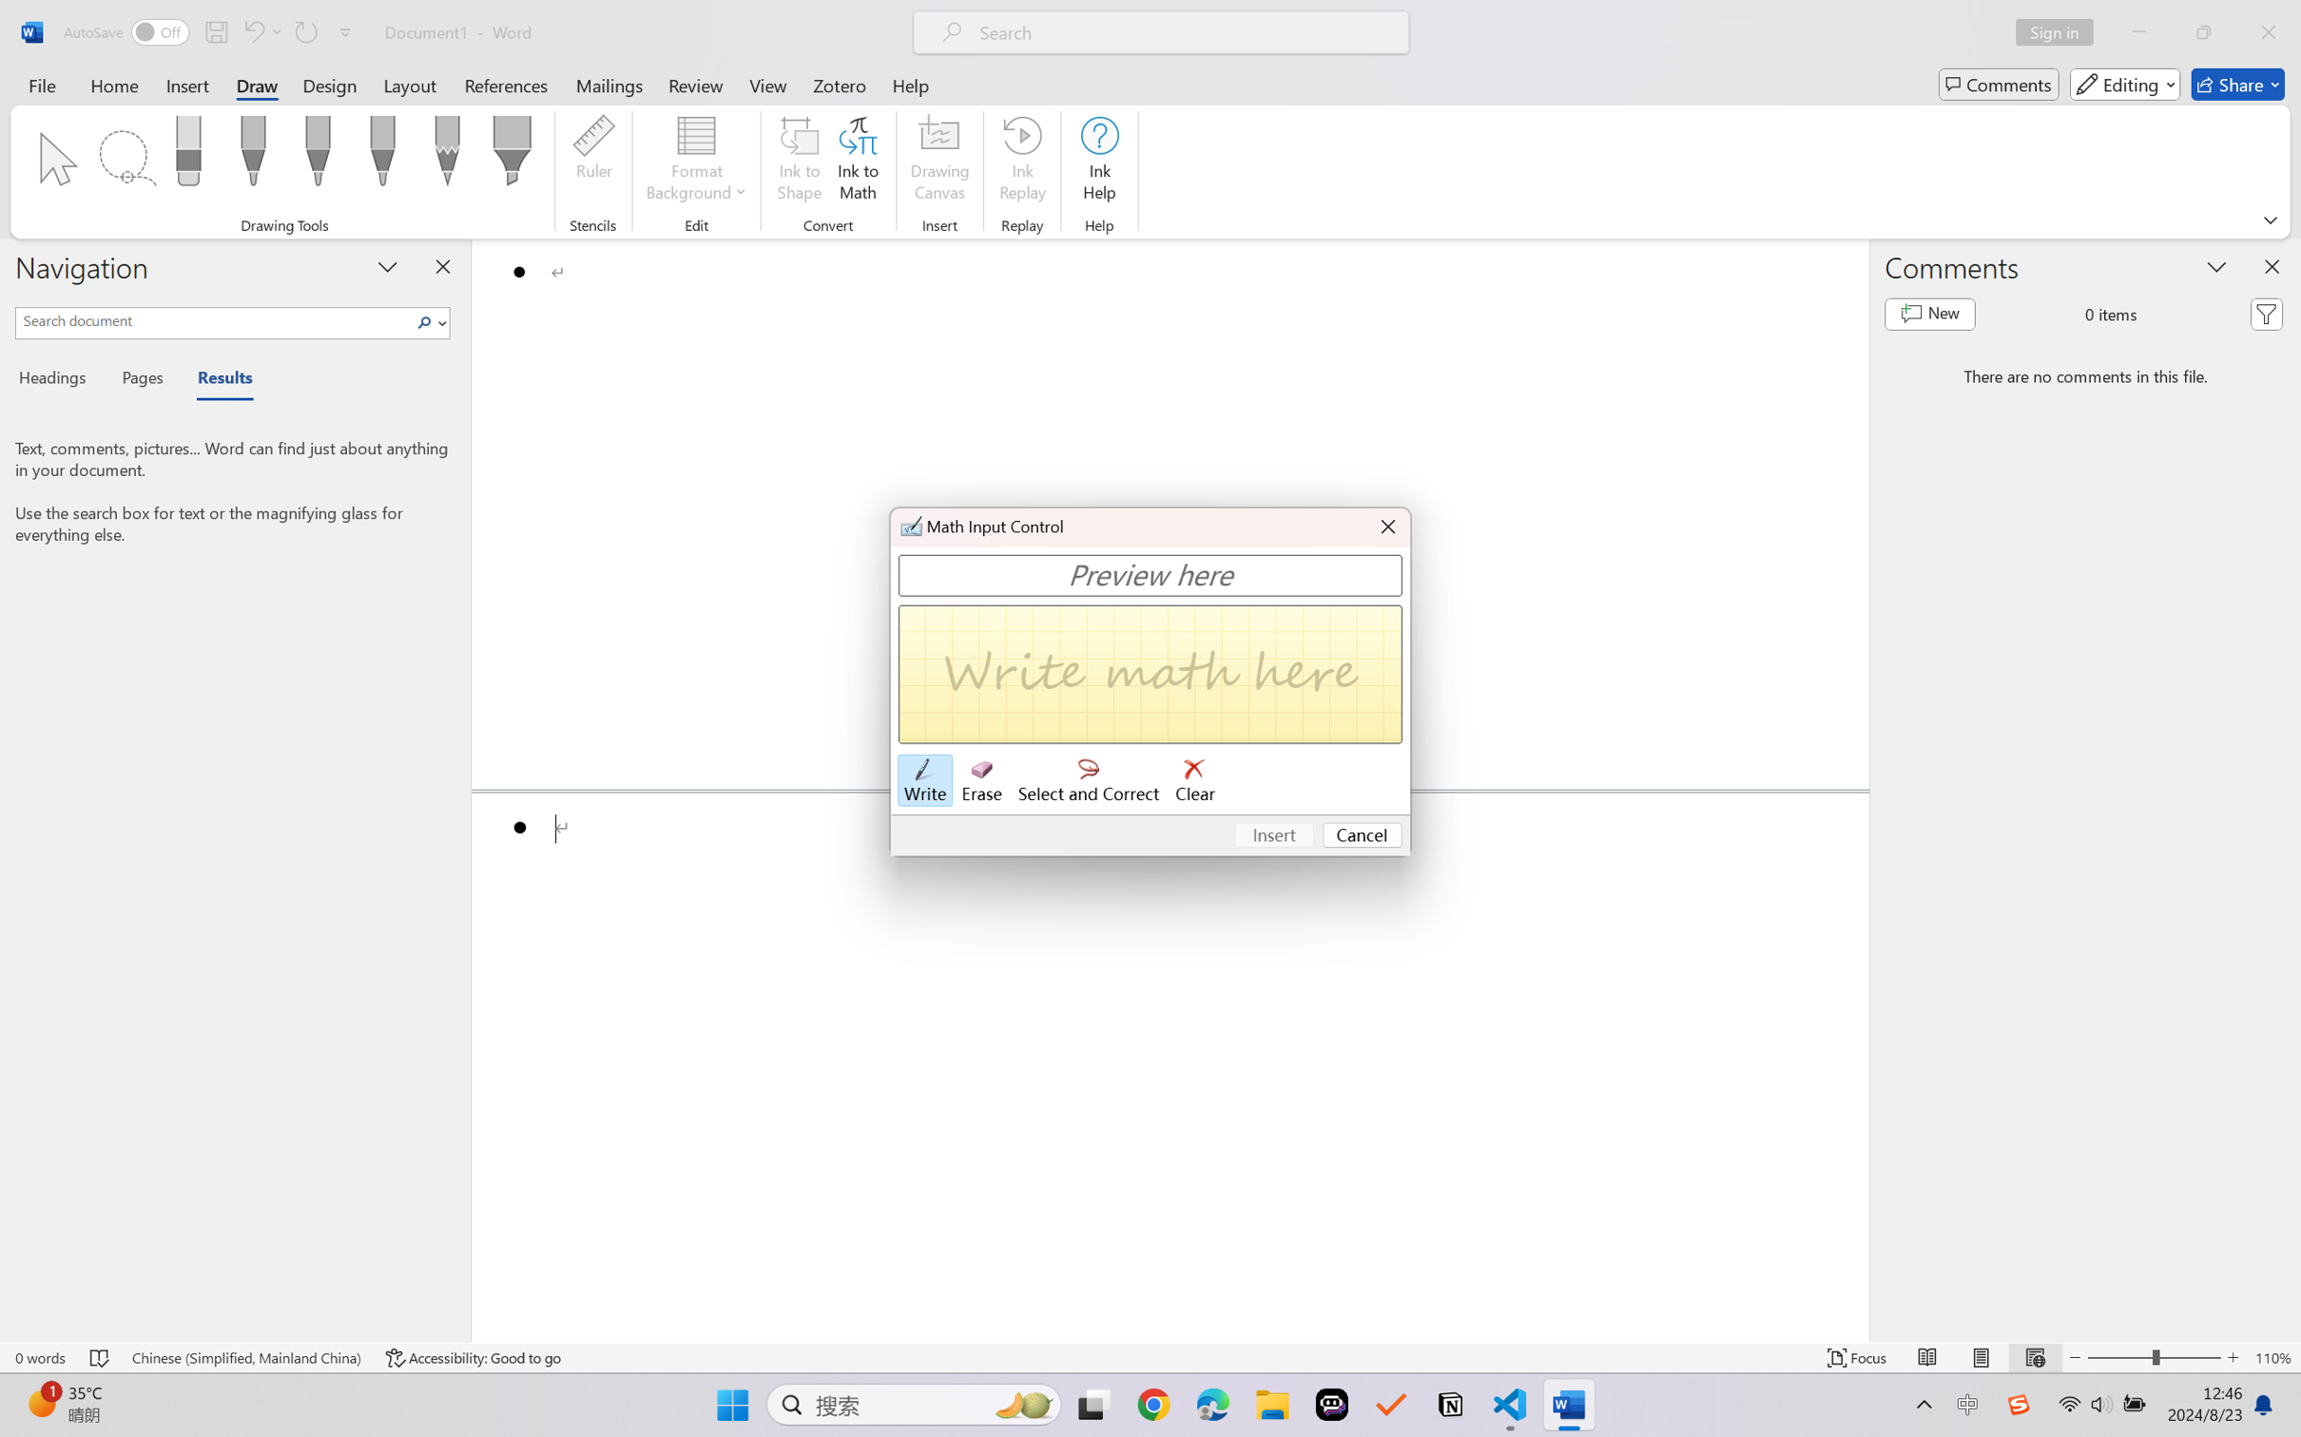 Image resolution: width=2301 pixels, height=1437 pixels. I want to click on 'Microsoft Edge', so click(1212, 1405).